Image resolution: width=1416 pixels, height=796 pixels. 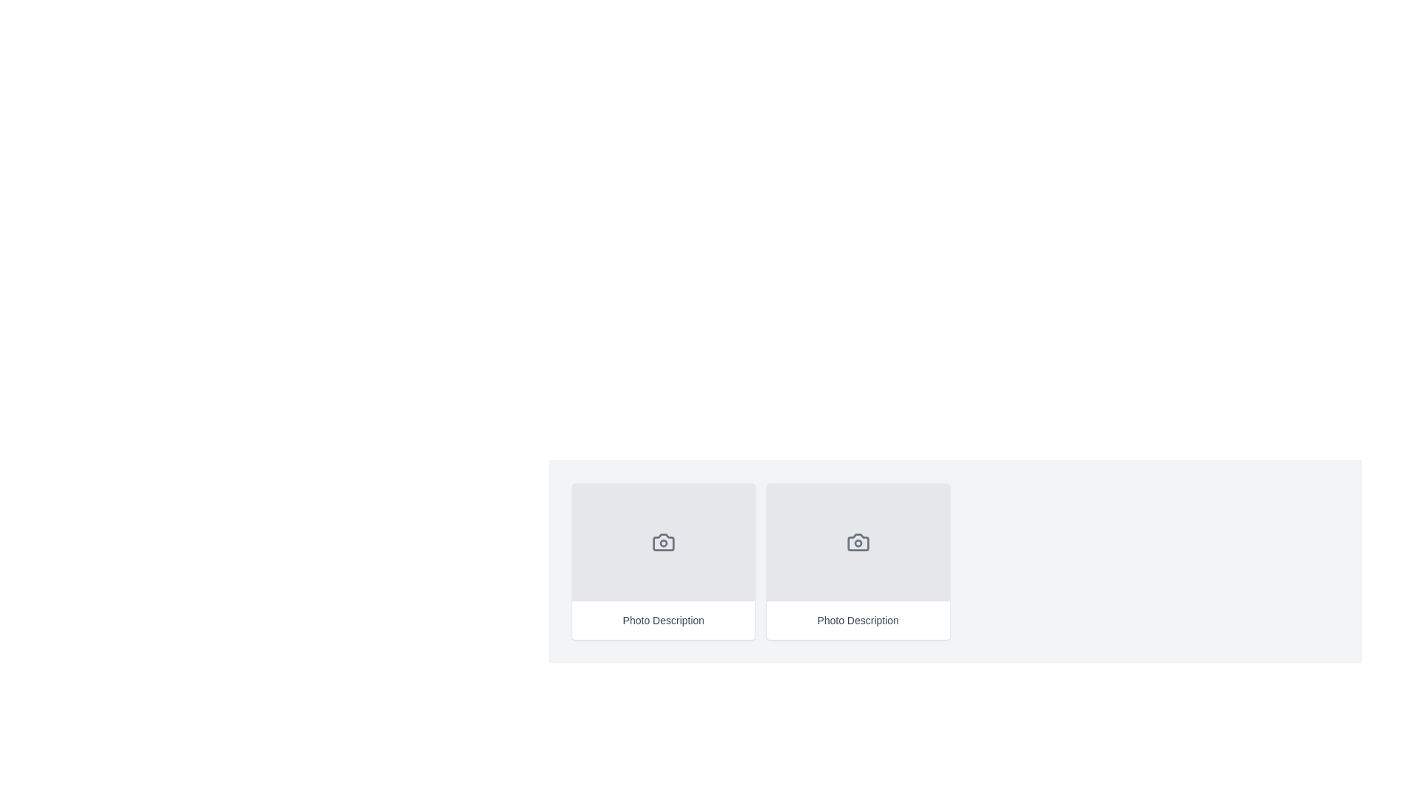 I want to click on the camera icon element located at the center of the leftmost column to access contextual actions, so click(x=662, y=542).